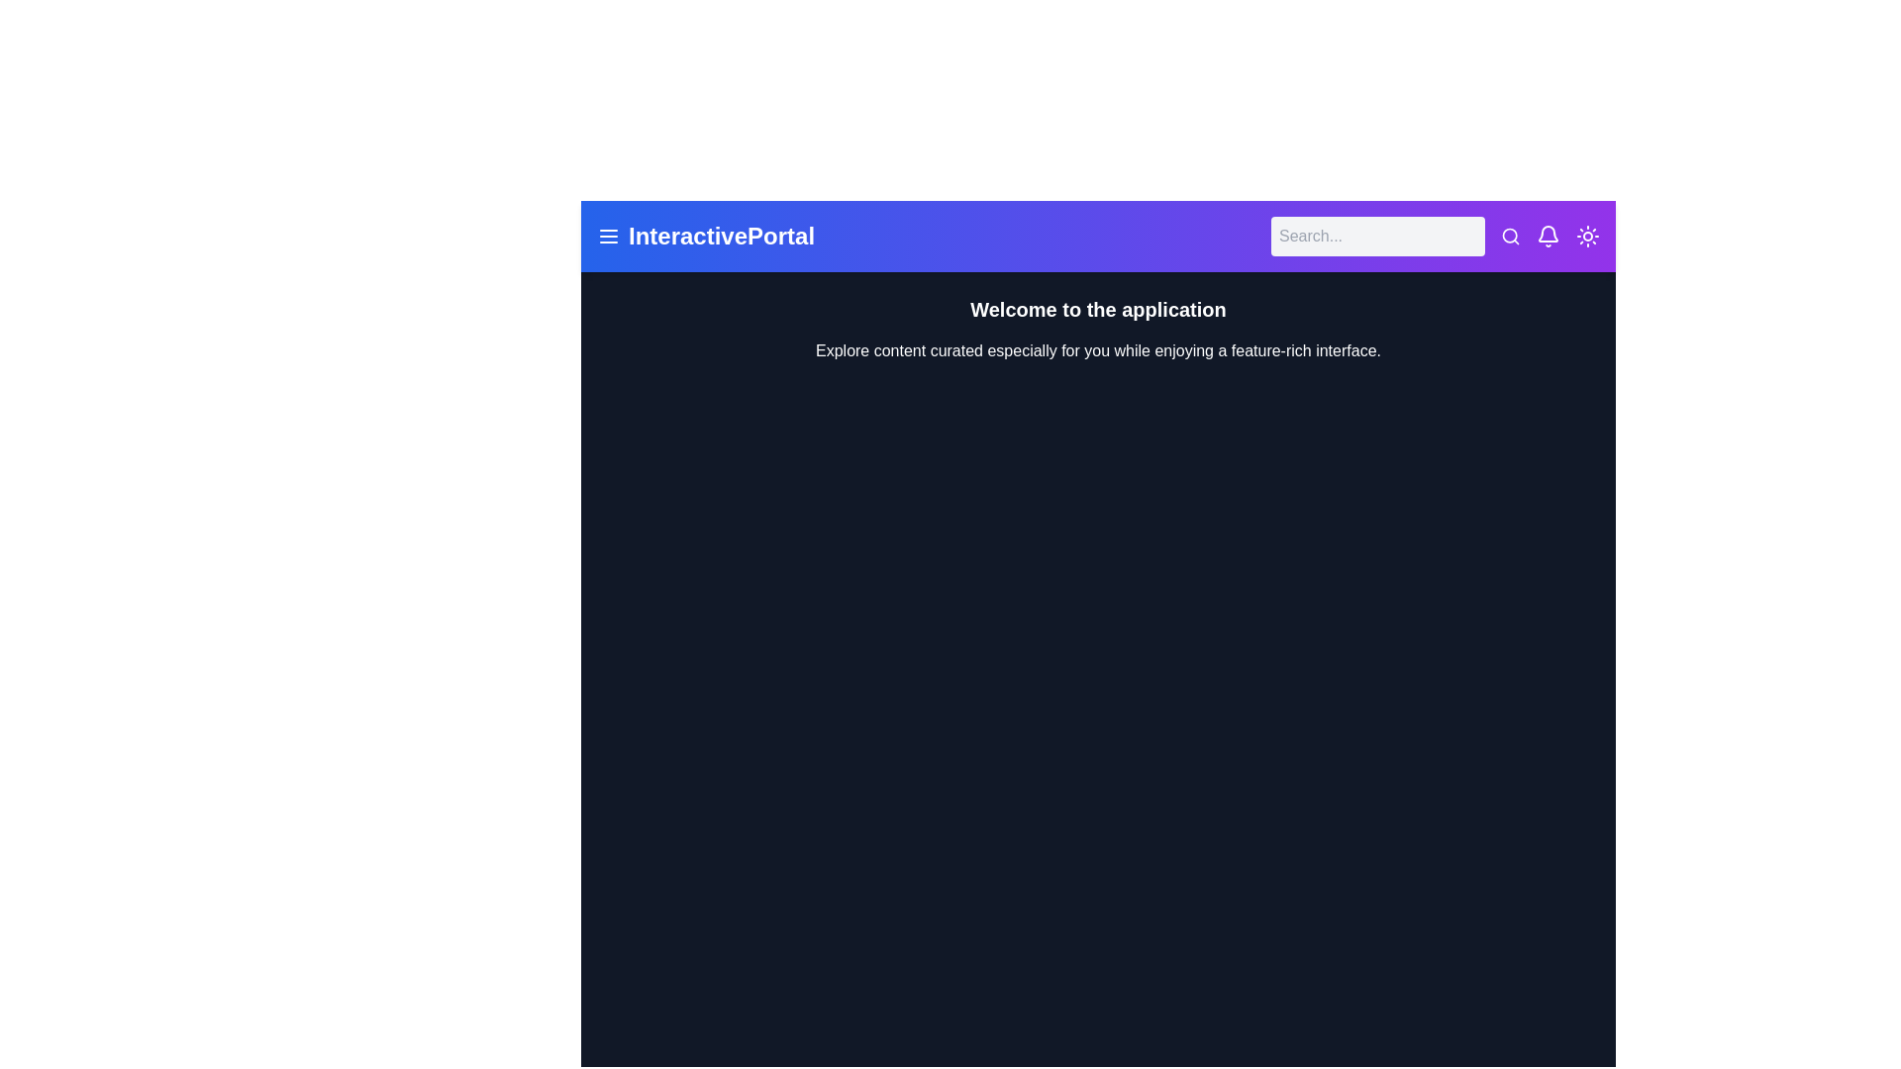 The image size is (1901, 1069). I want to click on the element with lucide-search class, so click(1510, 236).